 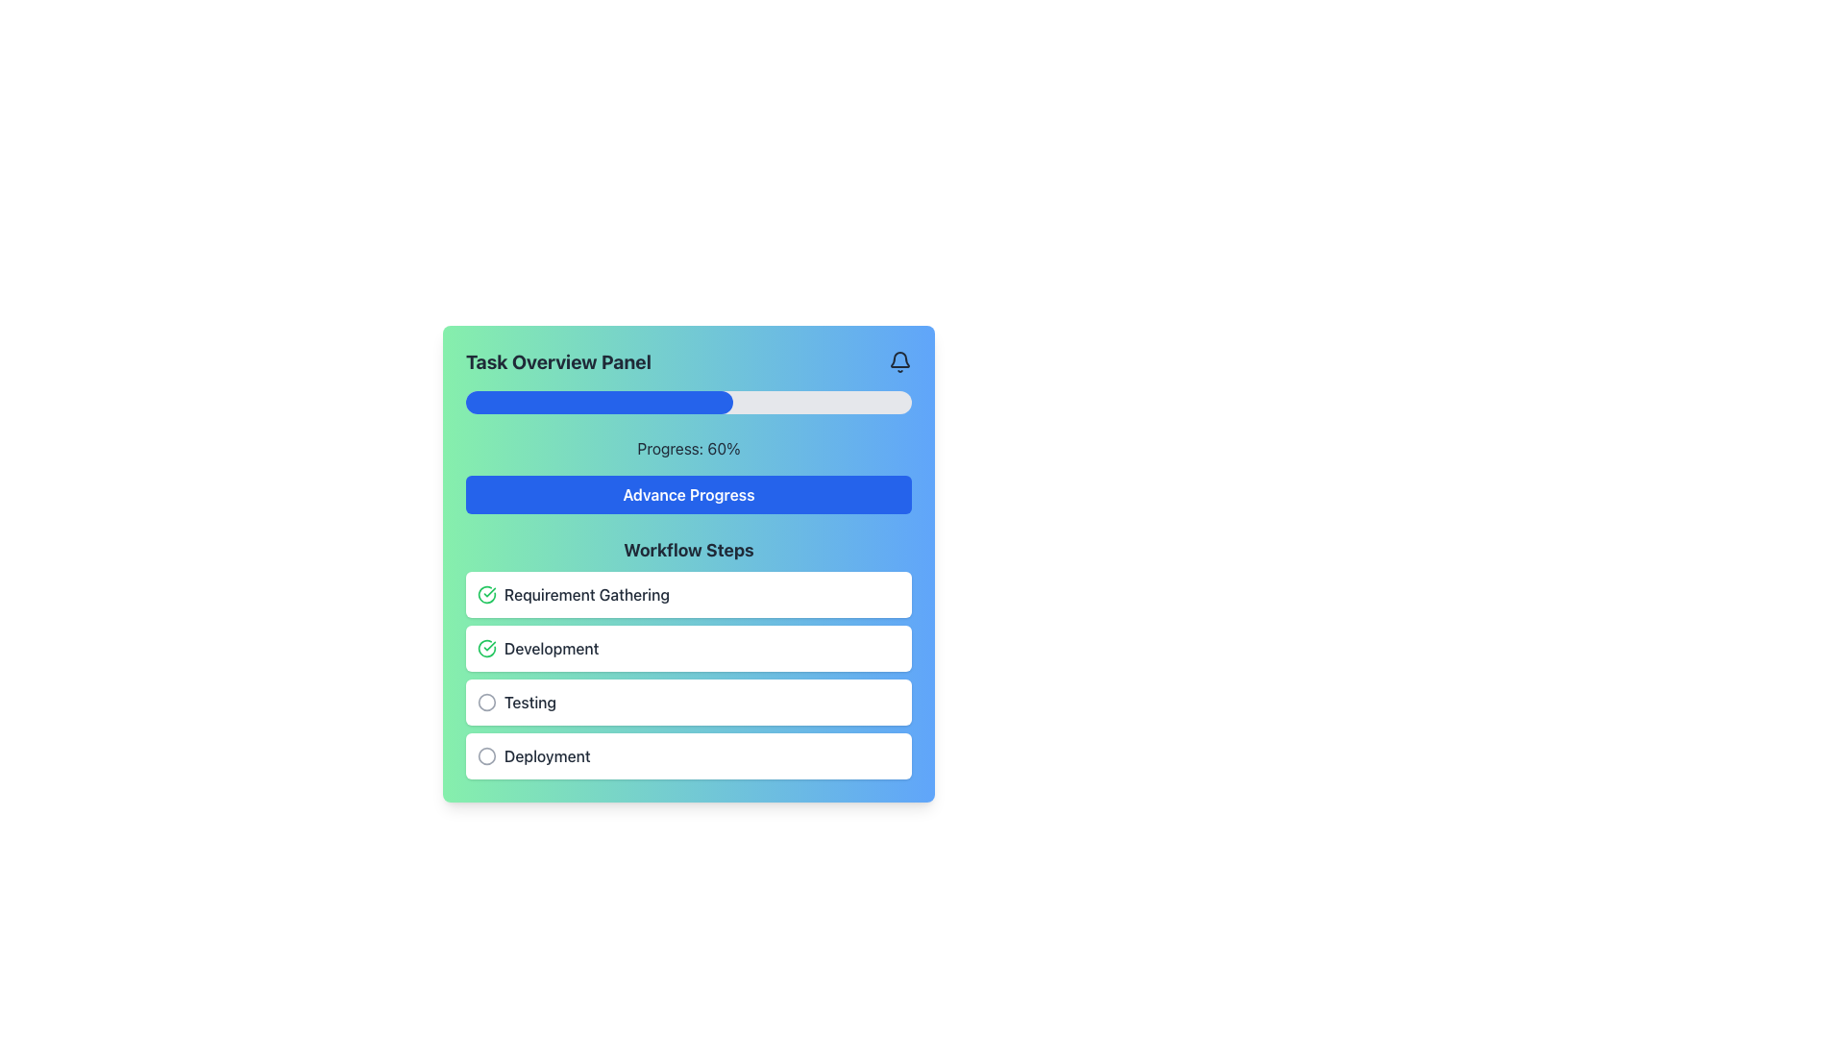 I want to click on the text label 'Workflow Steps' which is styled with bold, large-size font in dark gray color, positioned at the top left corner of the list section, so click(x=688, y=551).